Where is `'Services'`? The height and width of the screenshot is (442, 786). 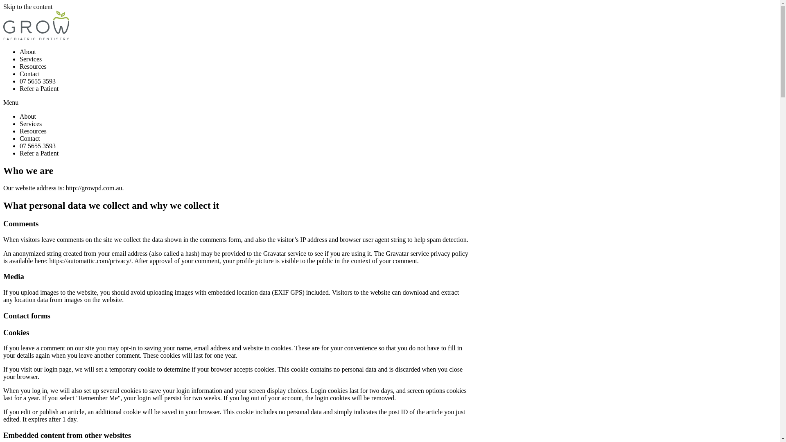
'Services' is located at coordinates (20, 124).